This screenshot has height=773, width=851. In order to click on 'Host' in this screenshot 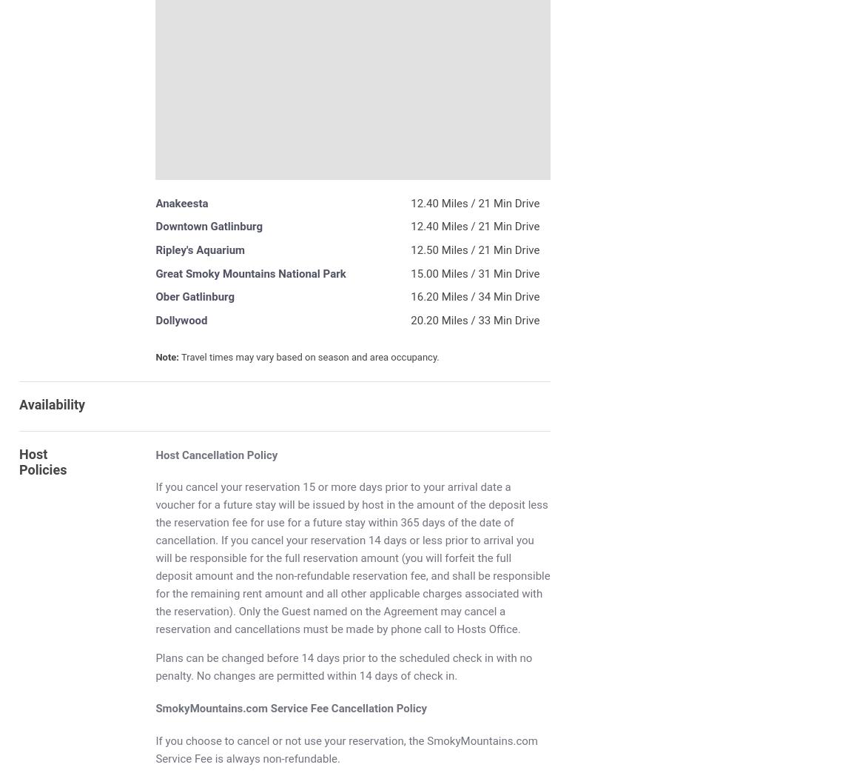, I will do `click(32, 453)`.